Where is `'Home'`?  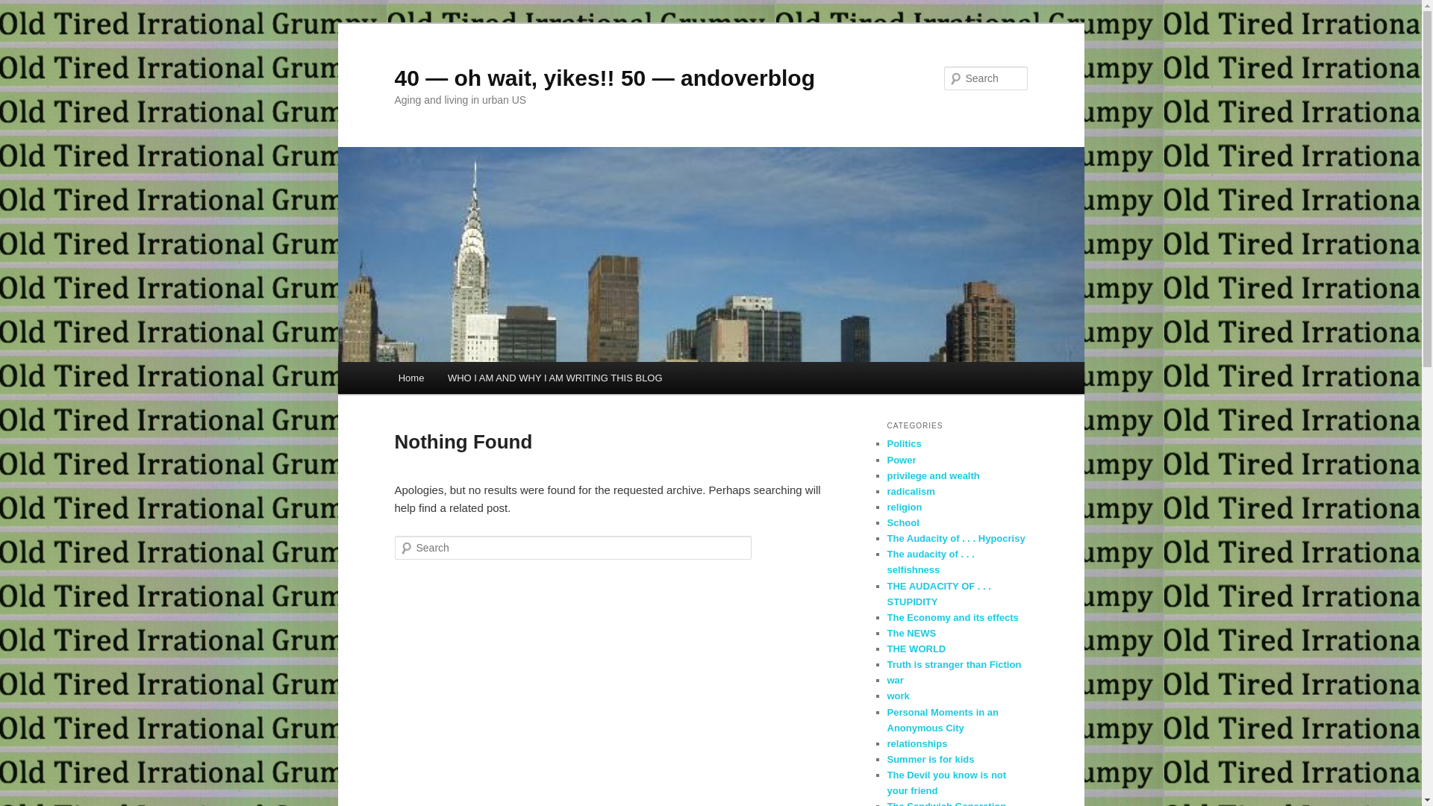
'Home' is located at coordinates (411, 377).